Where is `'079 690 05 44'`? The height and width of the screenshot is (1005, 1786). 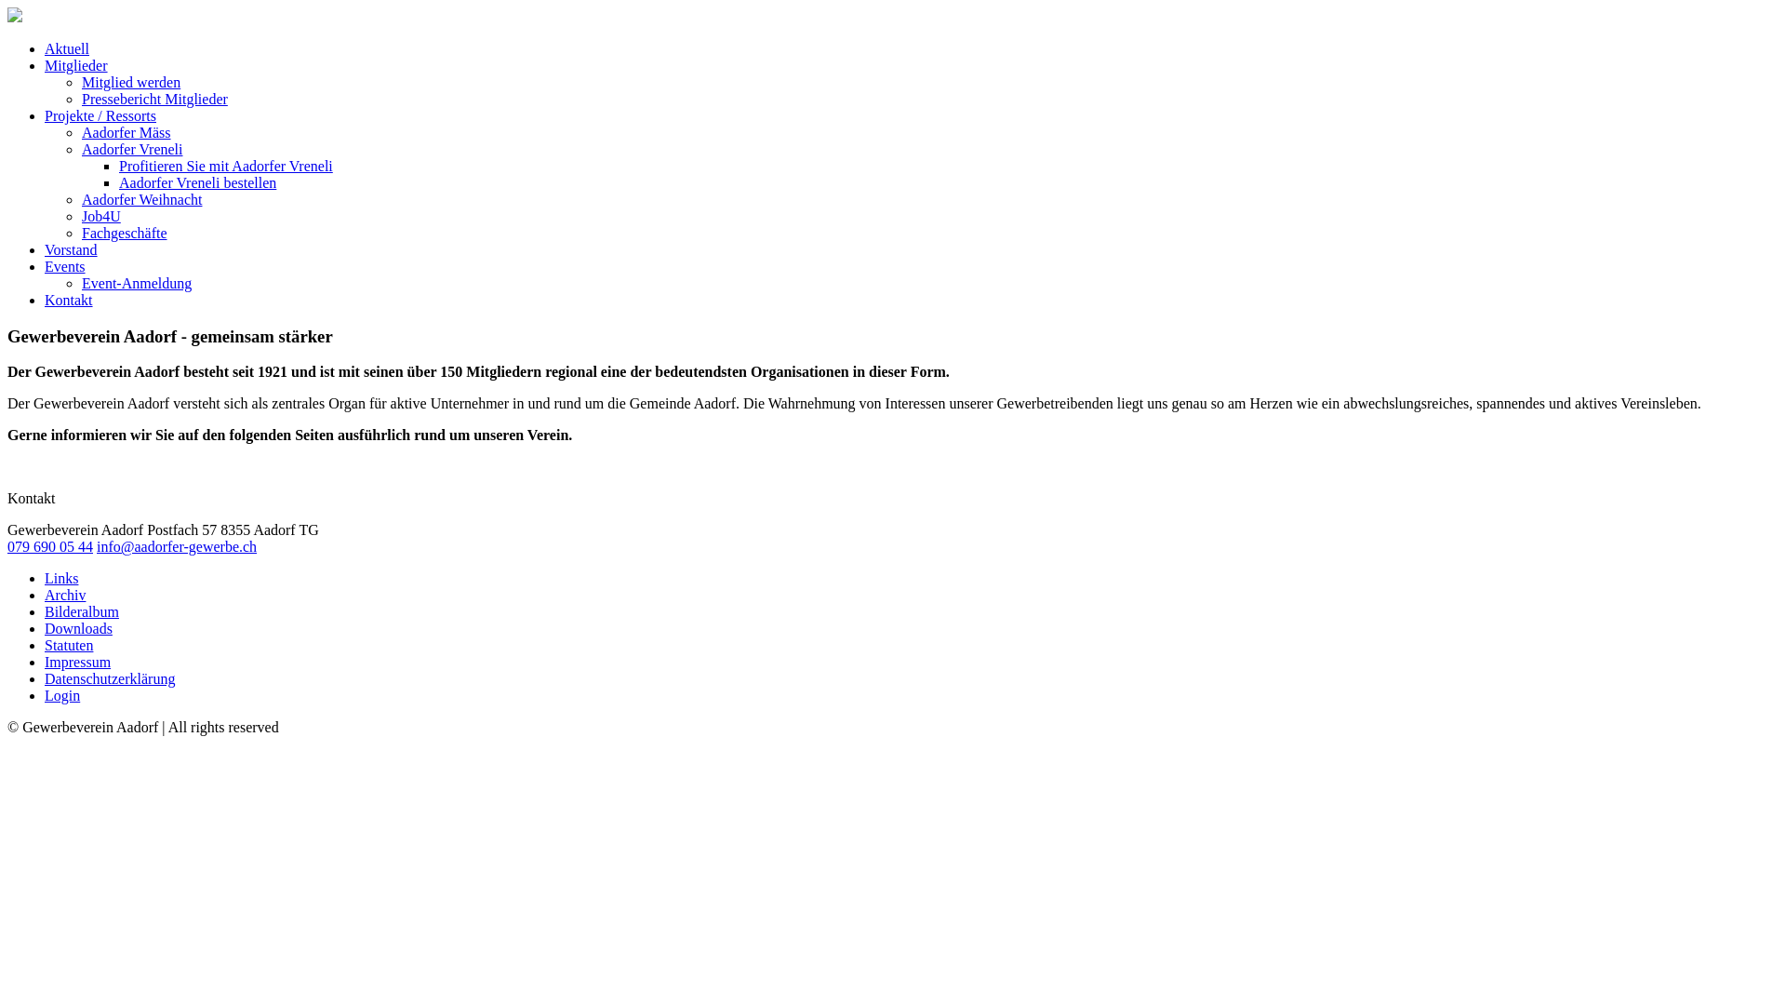 '079 690 05 44' is located at coordinates (49, 545).